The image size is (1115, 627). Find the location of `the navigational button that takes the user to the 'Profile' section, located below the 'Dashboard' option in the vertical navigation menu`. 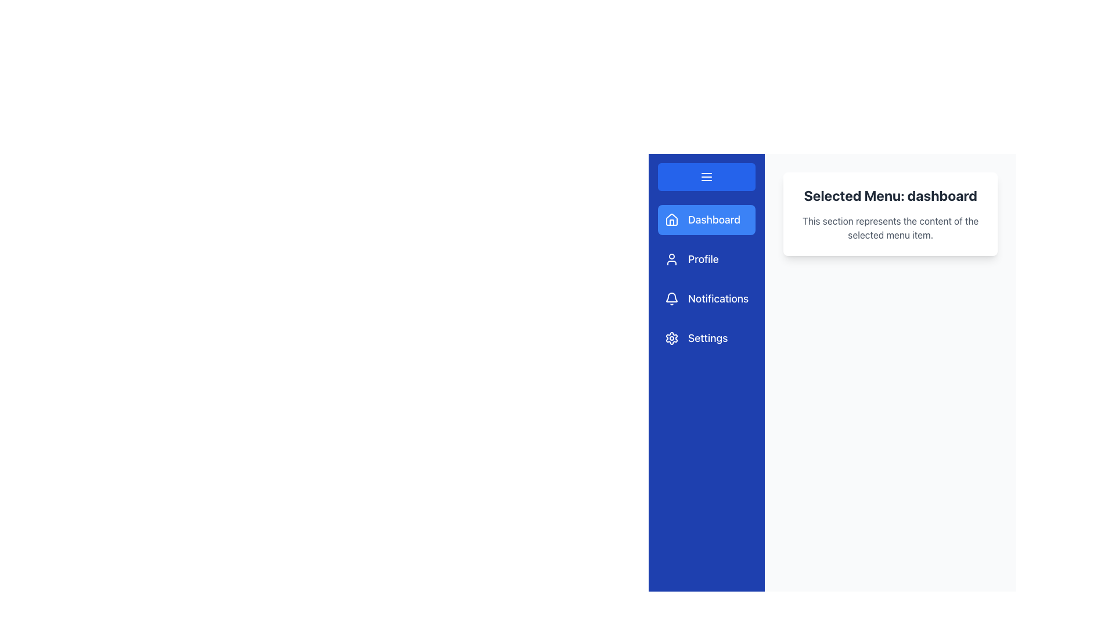

the navigational button that takes the user to the 'Profile' section, located below the 'Dashboard' option in the vertical navigation menu is located at coordinates (706, 259).